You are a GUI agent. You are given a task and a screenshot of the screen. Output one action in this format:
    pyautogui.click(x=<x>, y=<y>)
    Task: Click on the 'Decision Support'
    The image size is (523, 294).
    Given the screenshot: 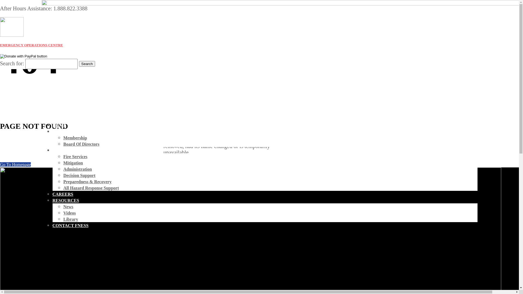 What is the action you would take?
    pyautogui.click(x=79, y=175)
    